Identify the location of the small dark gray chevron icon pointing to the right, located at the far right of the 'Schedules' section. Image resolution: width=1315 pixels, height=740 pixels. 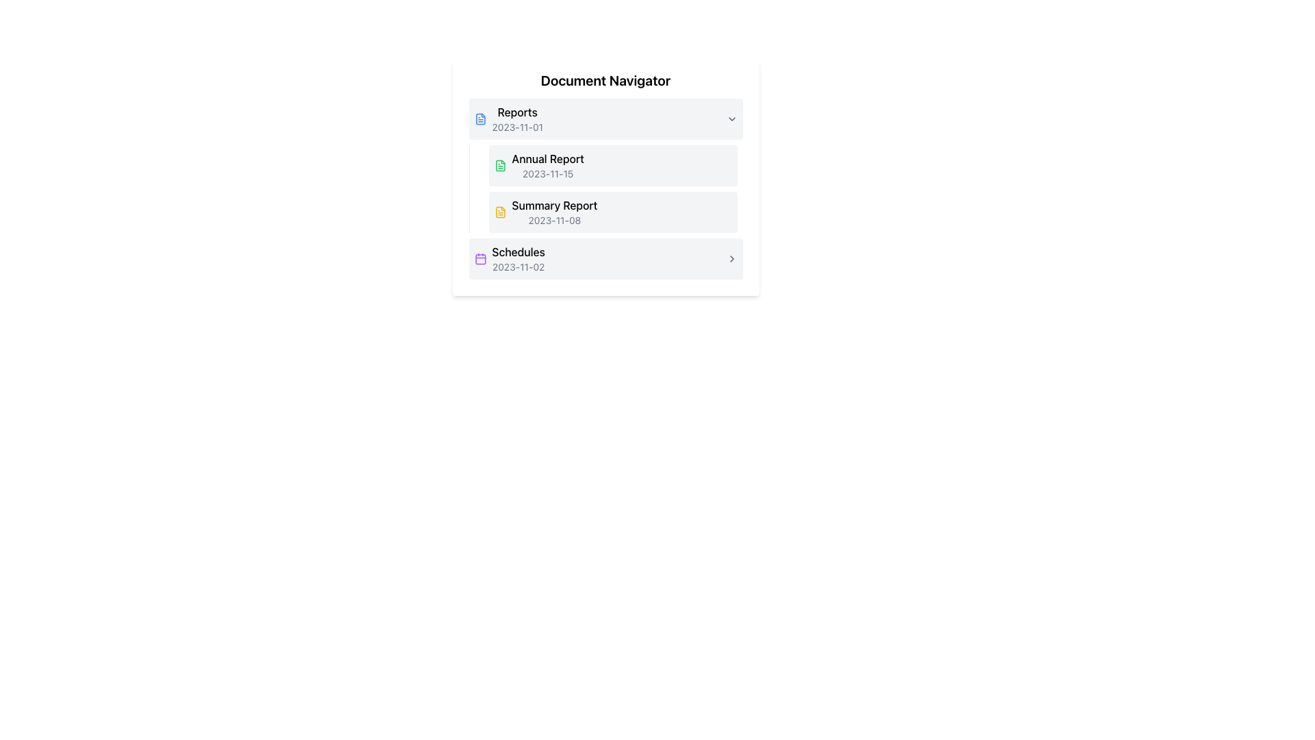
(731, 259).